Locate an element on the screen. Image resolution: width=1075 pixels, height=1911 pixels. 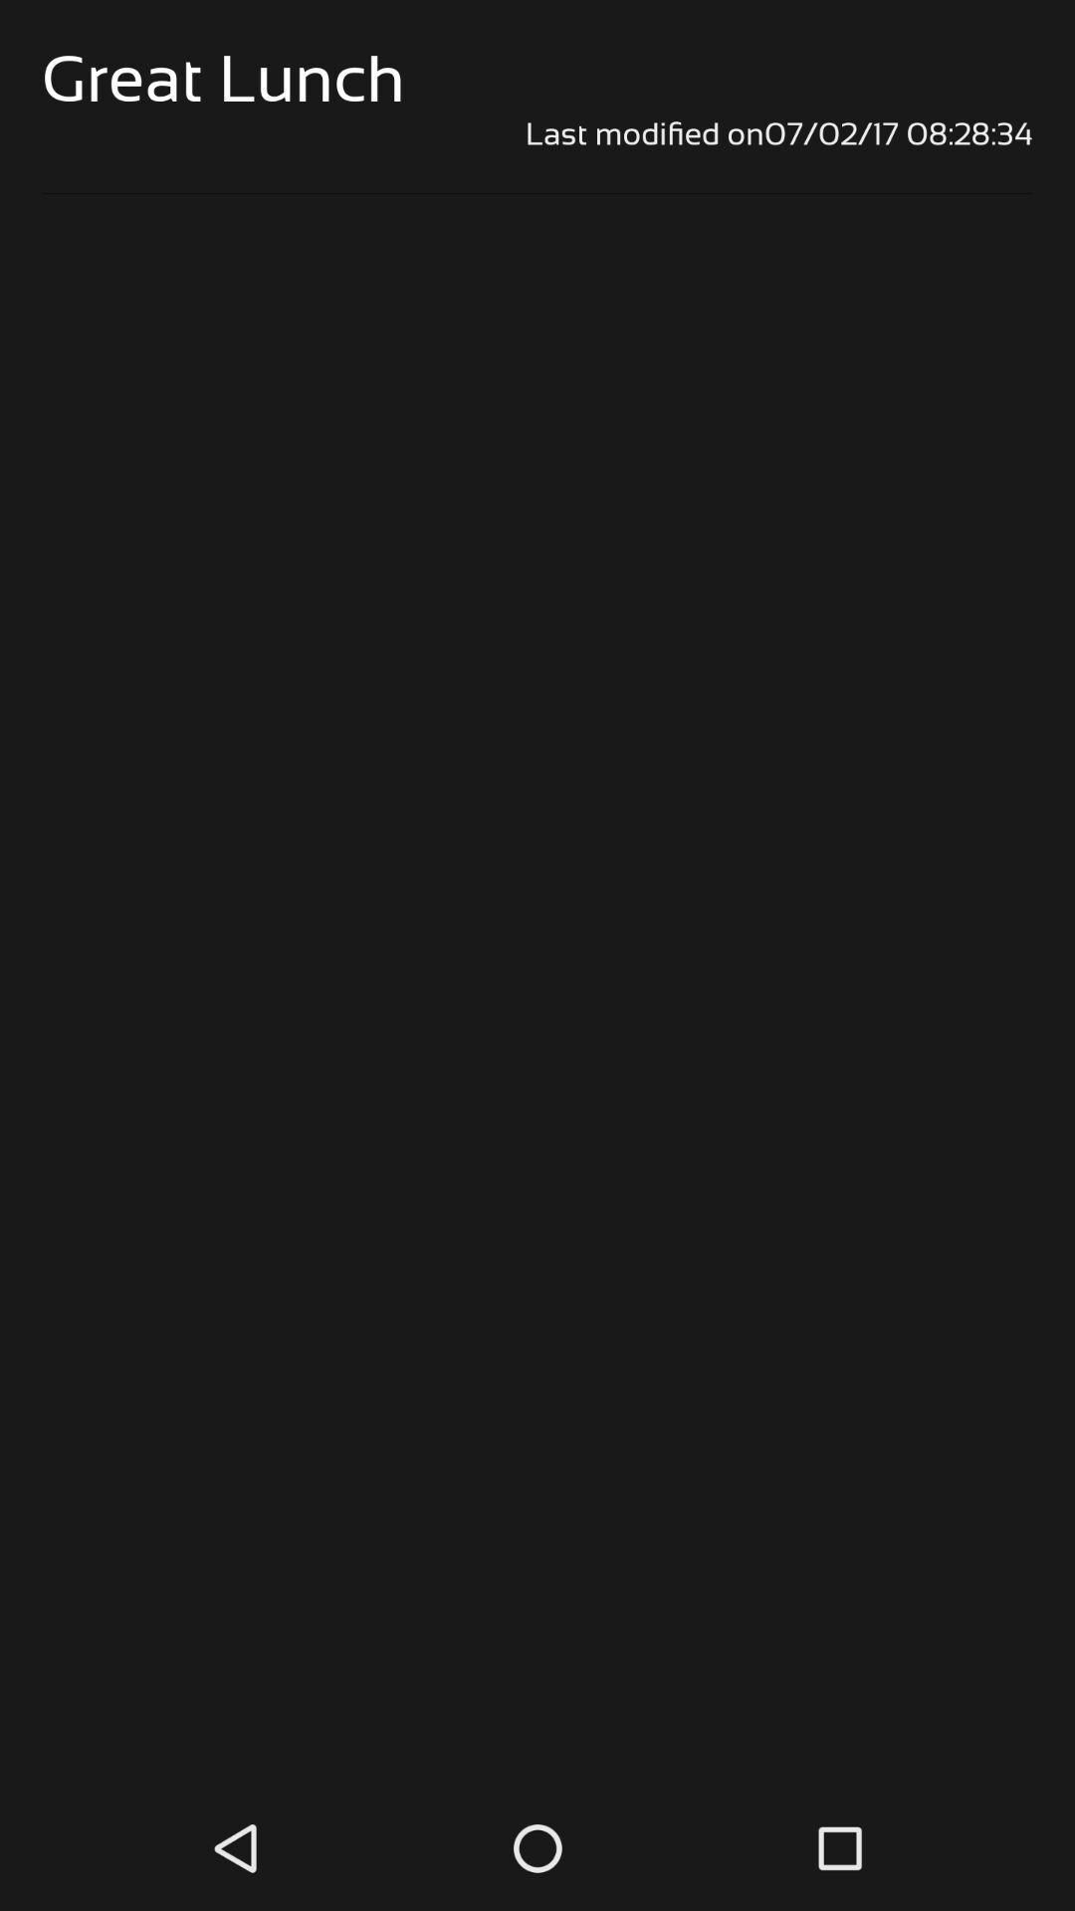
the great lunch at the top left corner is located at coordinates (223, 79).